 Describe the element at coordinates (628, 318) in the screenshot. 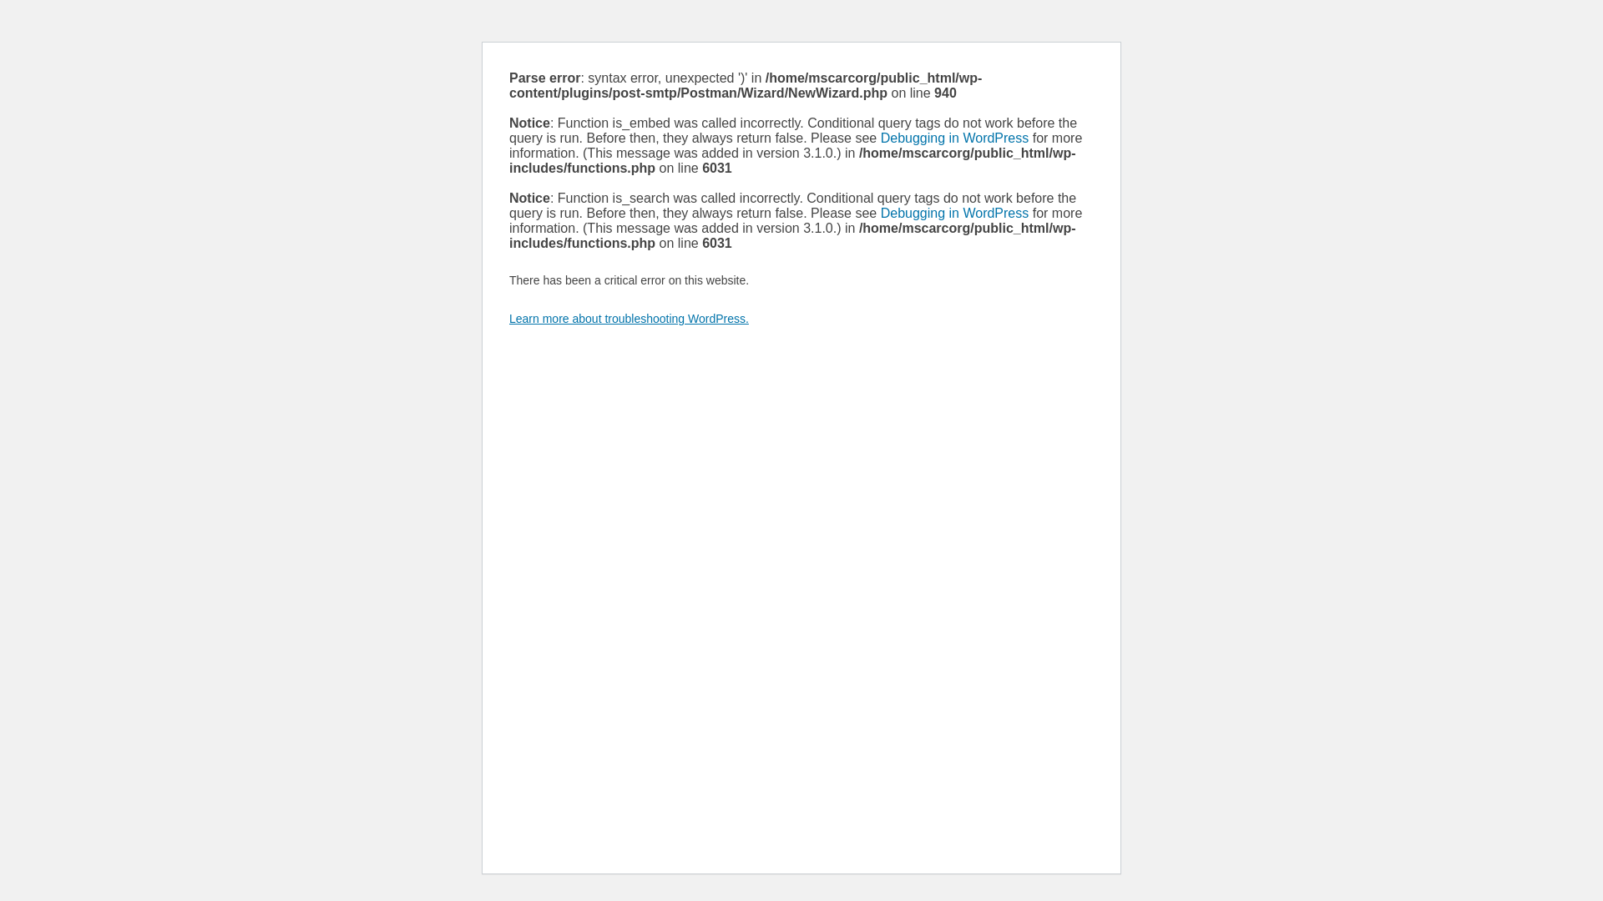

I see `'Learn more about troubleshooting WordPress.'` at that location.